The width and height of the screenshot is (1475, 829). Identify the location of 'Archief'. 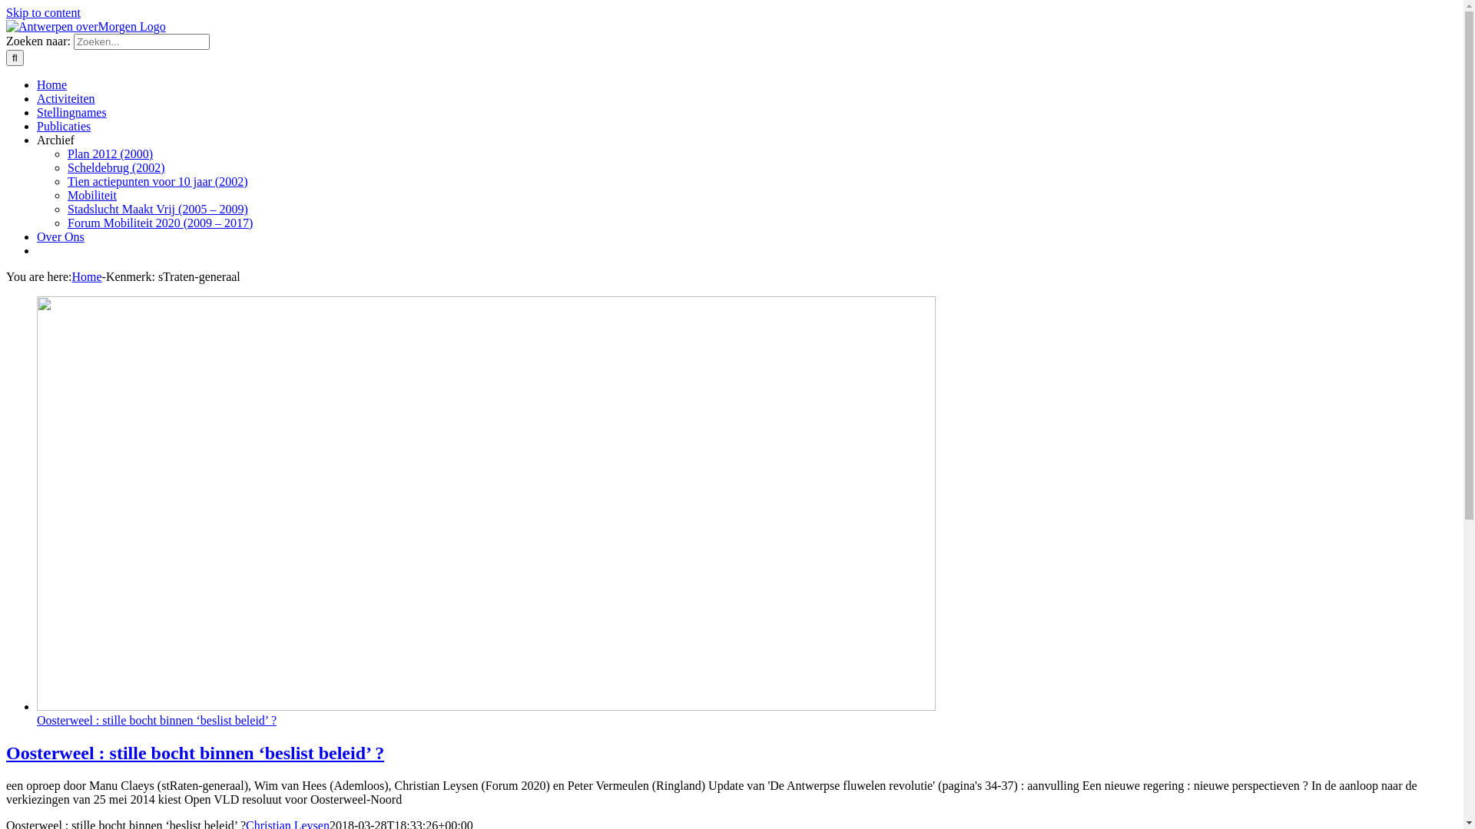
(75, 140).